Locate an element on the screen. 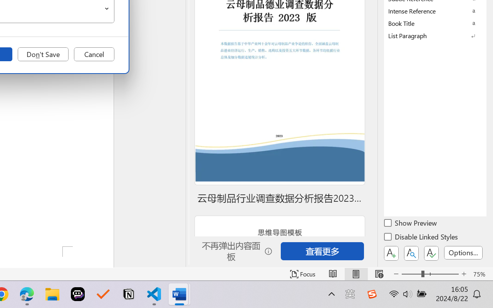 This screenshot has height=308, width=493. 'Class: Image' is located at coordinates (372, 294).